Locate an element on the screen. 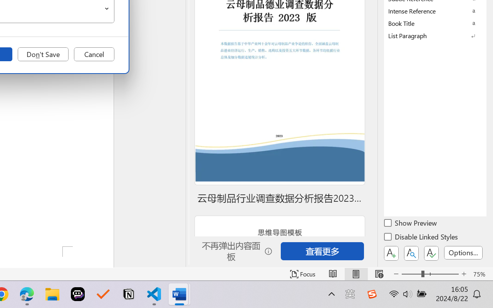 This screenshot has height=308, width=493. 'Class: Image' is located at coordinates (372, 294).